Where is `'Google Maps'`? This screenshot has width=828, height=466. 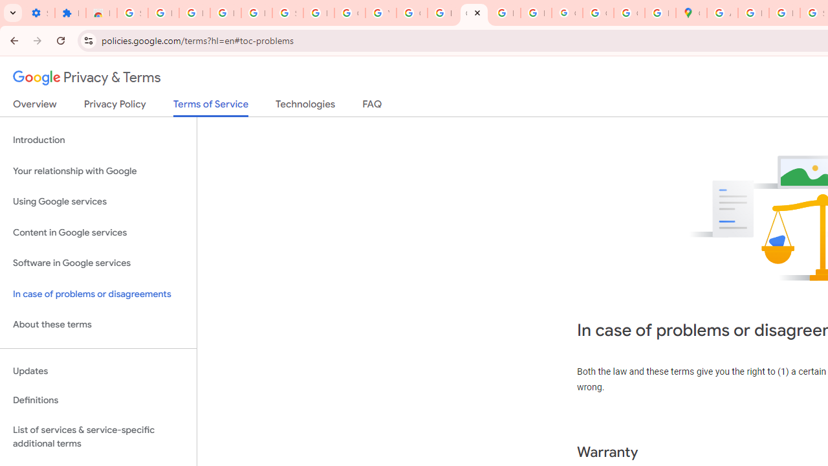
'Google Maps' is located at coordinates (690, 13).